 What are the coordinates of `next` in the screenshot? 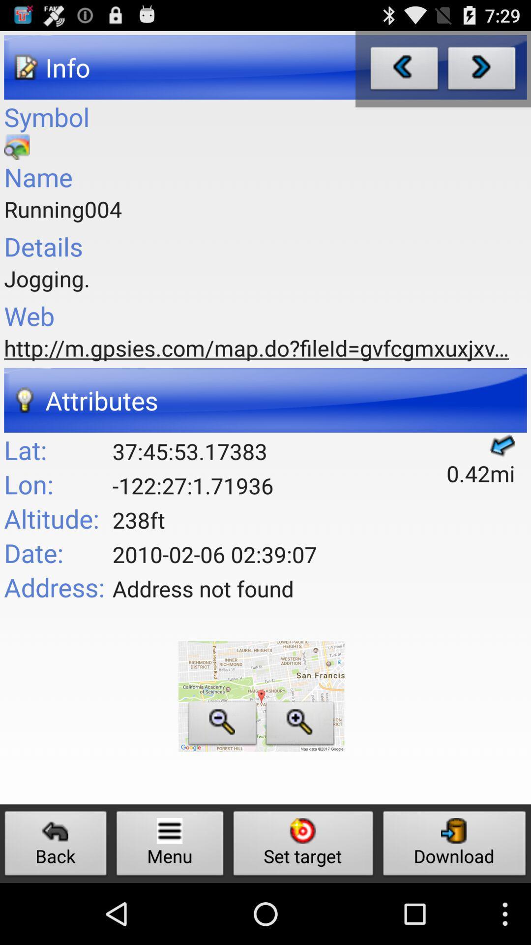 It's located at (481, 70).